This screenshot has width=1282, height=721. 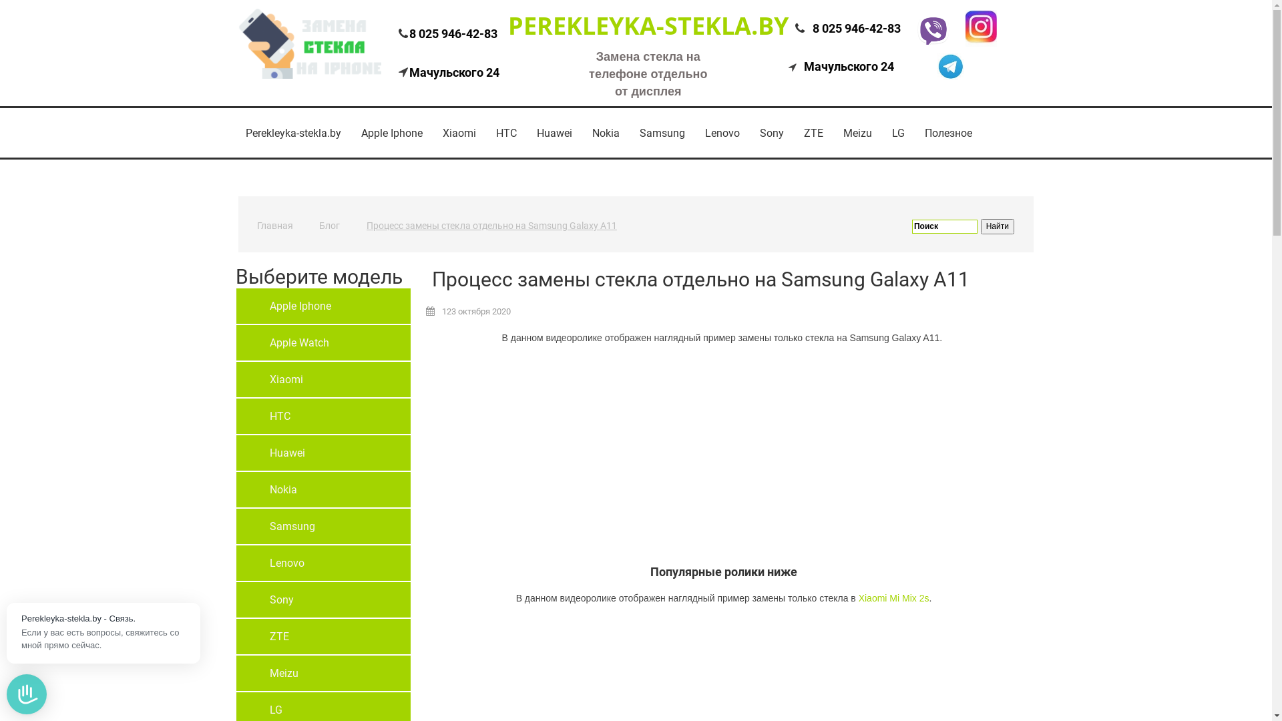 I want to click on 'Perekleyka-stekla.by', so click(x=292, y=134).